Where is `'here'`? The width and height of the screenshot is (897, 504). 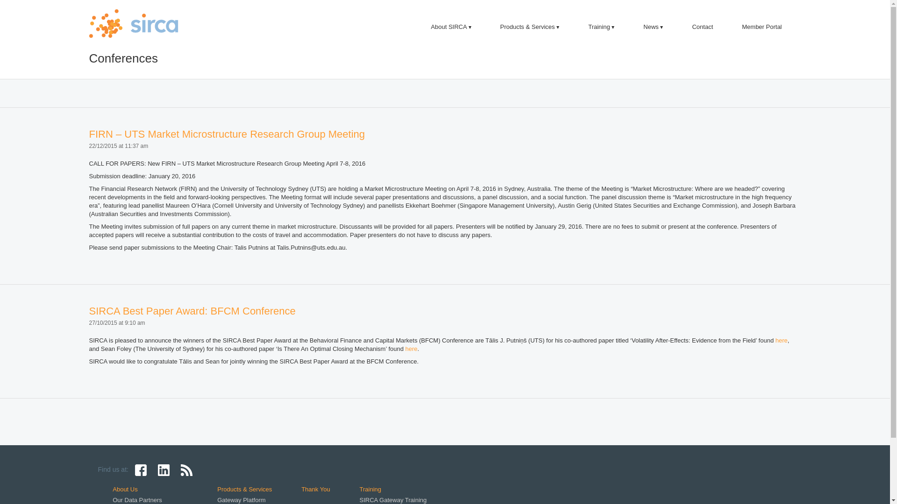 'here' is located at coordinates (411, 349).